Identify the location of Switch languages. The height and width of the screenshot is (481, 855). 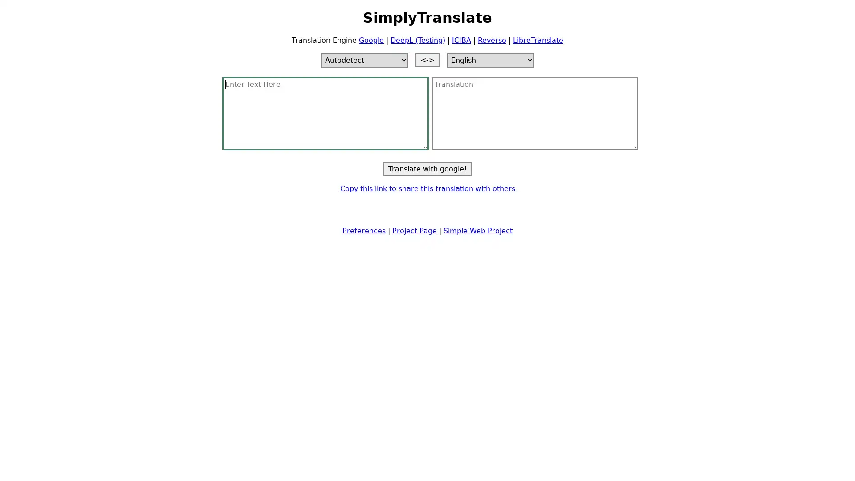
(427, 59).